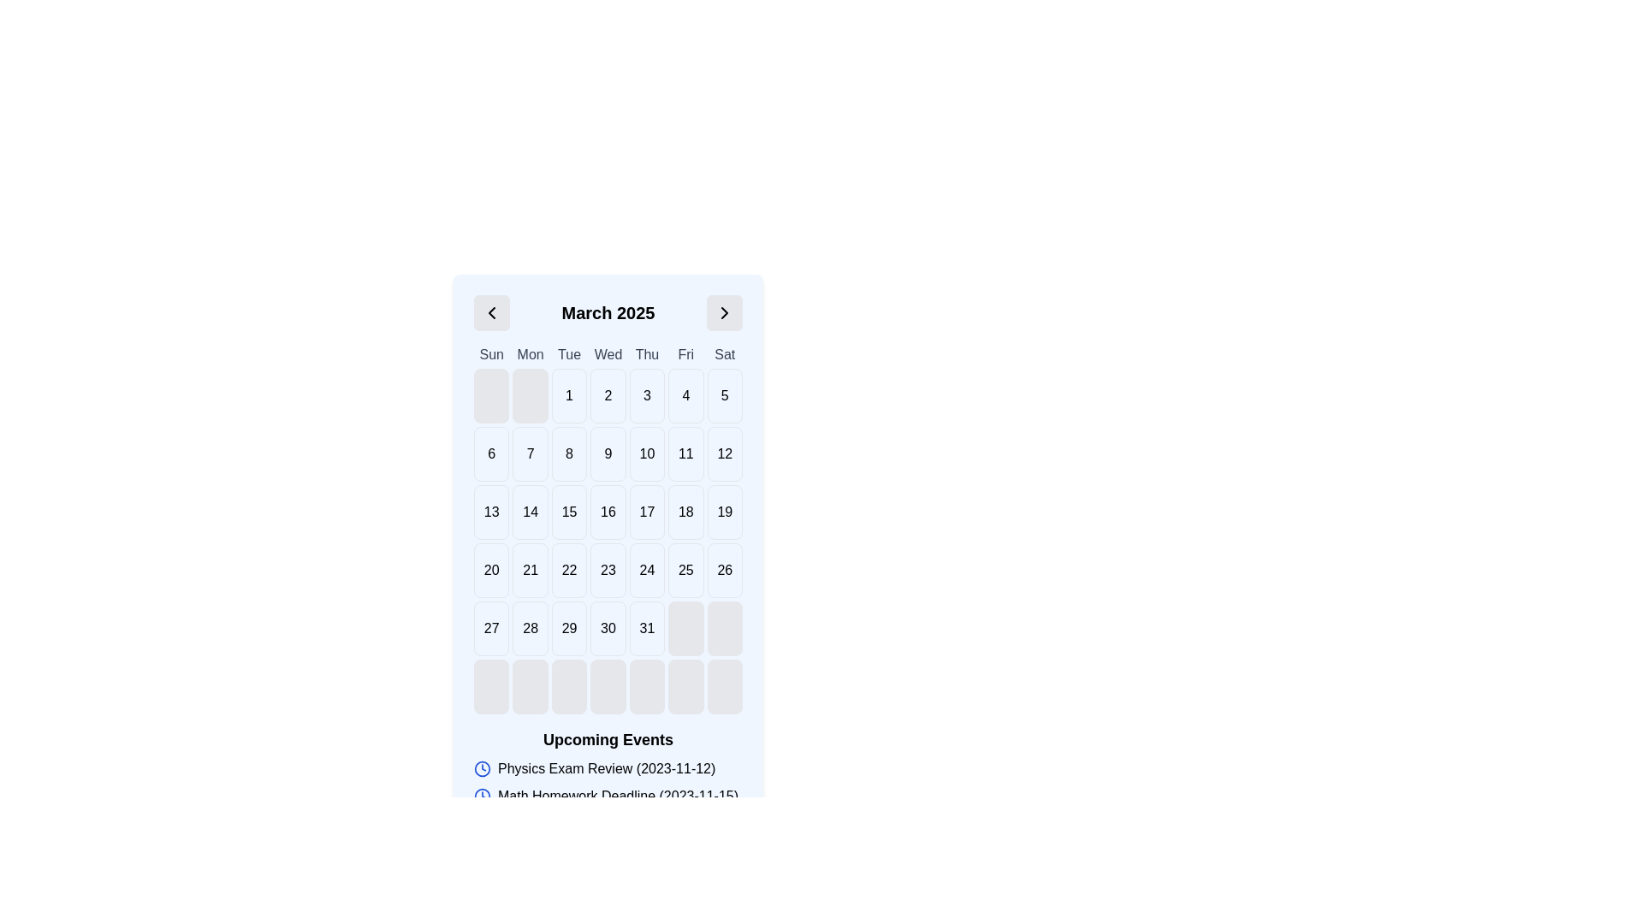 The height and width of the screenshot is (924, 1643). What do you see at coordinates (724, 313) in the screenshot?
I see `the rightward-facing arrow icon button located in the header of the calendar interface` at bounding box center [724, 313].